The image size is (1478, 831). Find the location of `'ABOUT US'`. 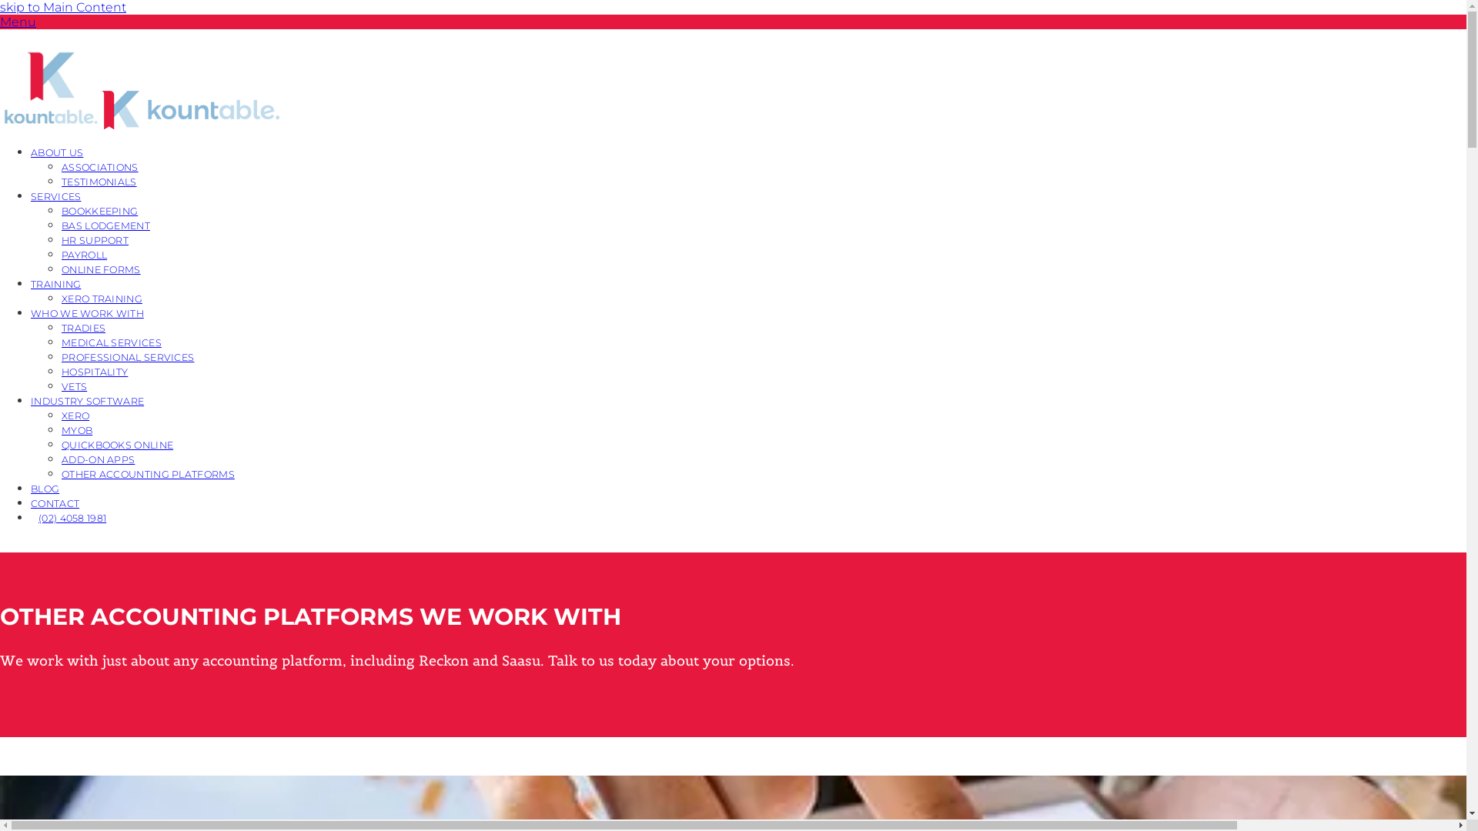

'ABOUT US' is located at coordinates (56, 152).